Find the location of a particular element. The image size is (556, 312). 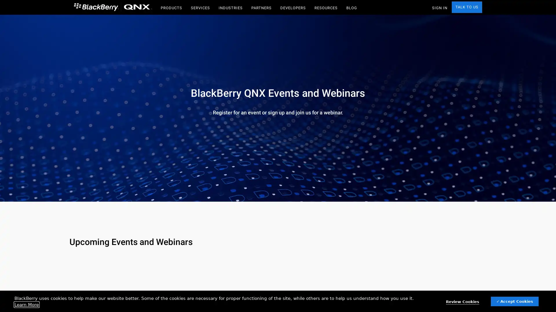

Accept Cookies is located at coordinates (515, 301).